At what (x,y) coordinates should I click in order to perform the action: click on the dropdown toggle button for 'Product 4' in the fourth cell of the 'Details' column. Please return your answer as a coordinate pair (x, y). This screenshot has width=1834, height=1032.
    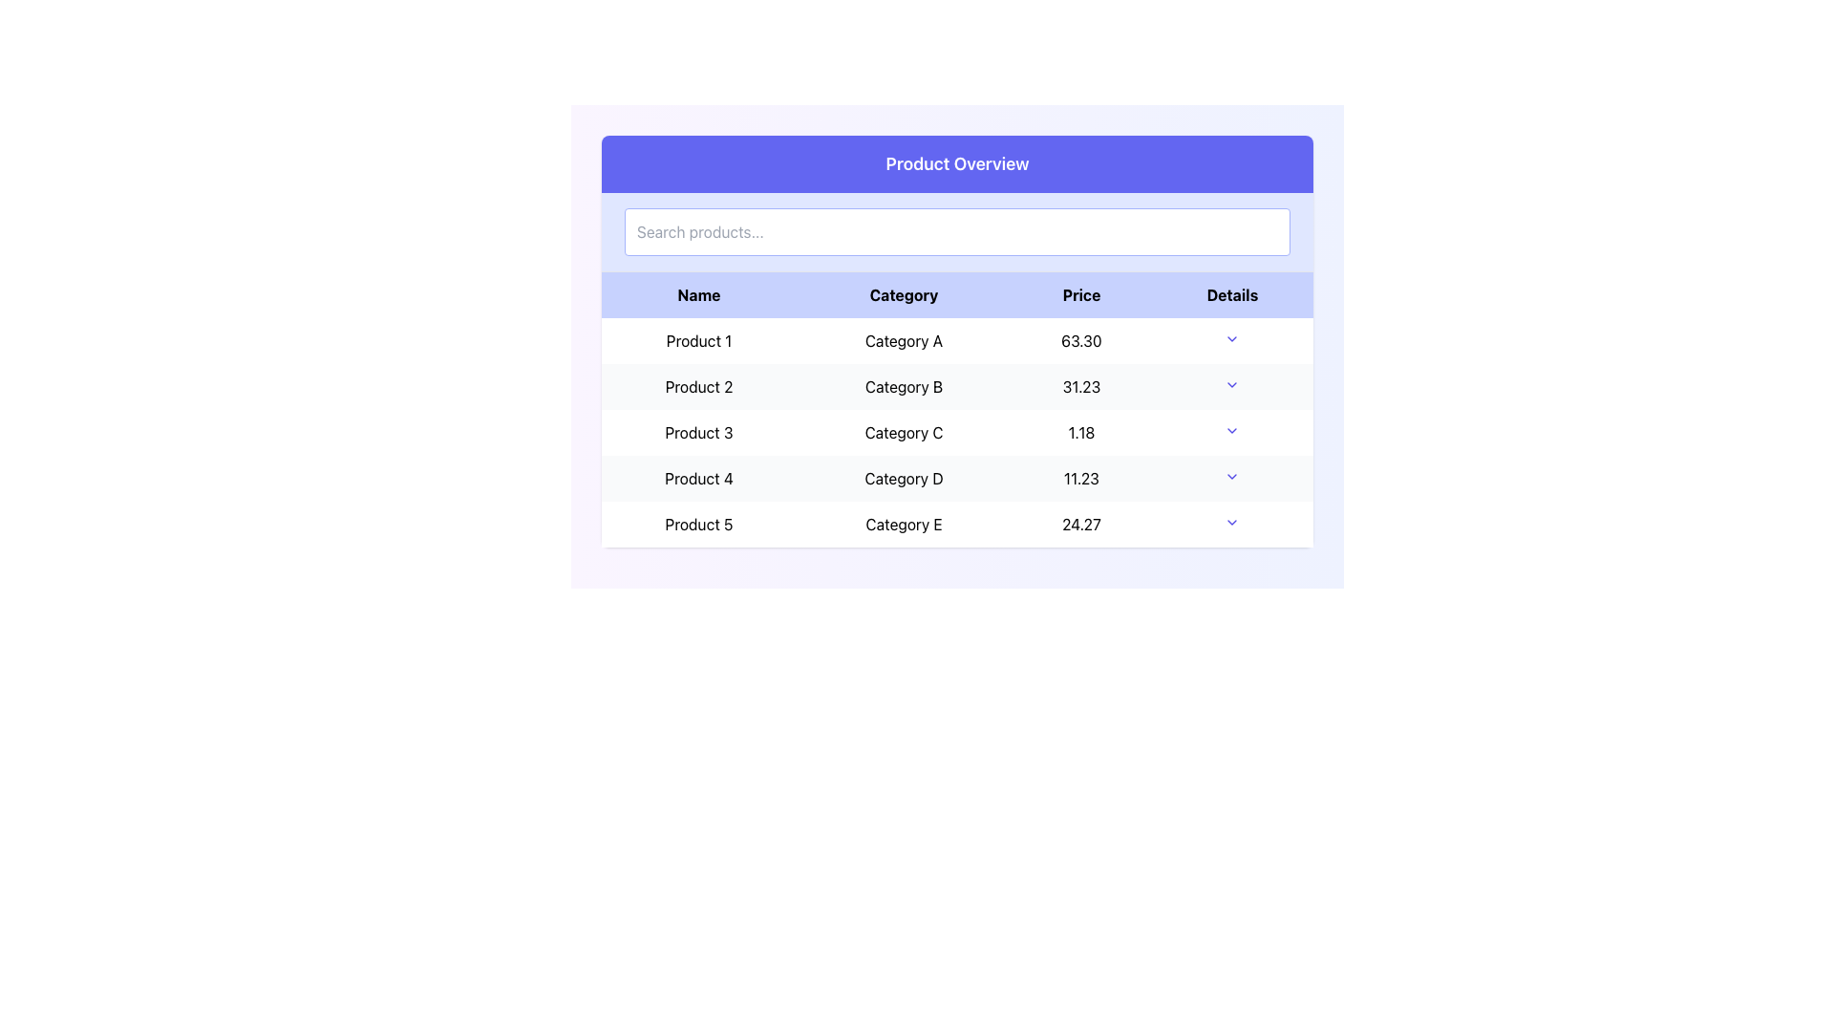
    Looking at the image, I should click on (1232, 478).